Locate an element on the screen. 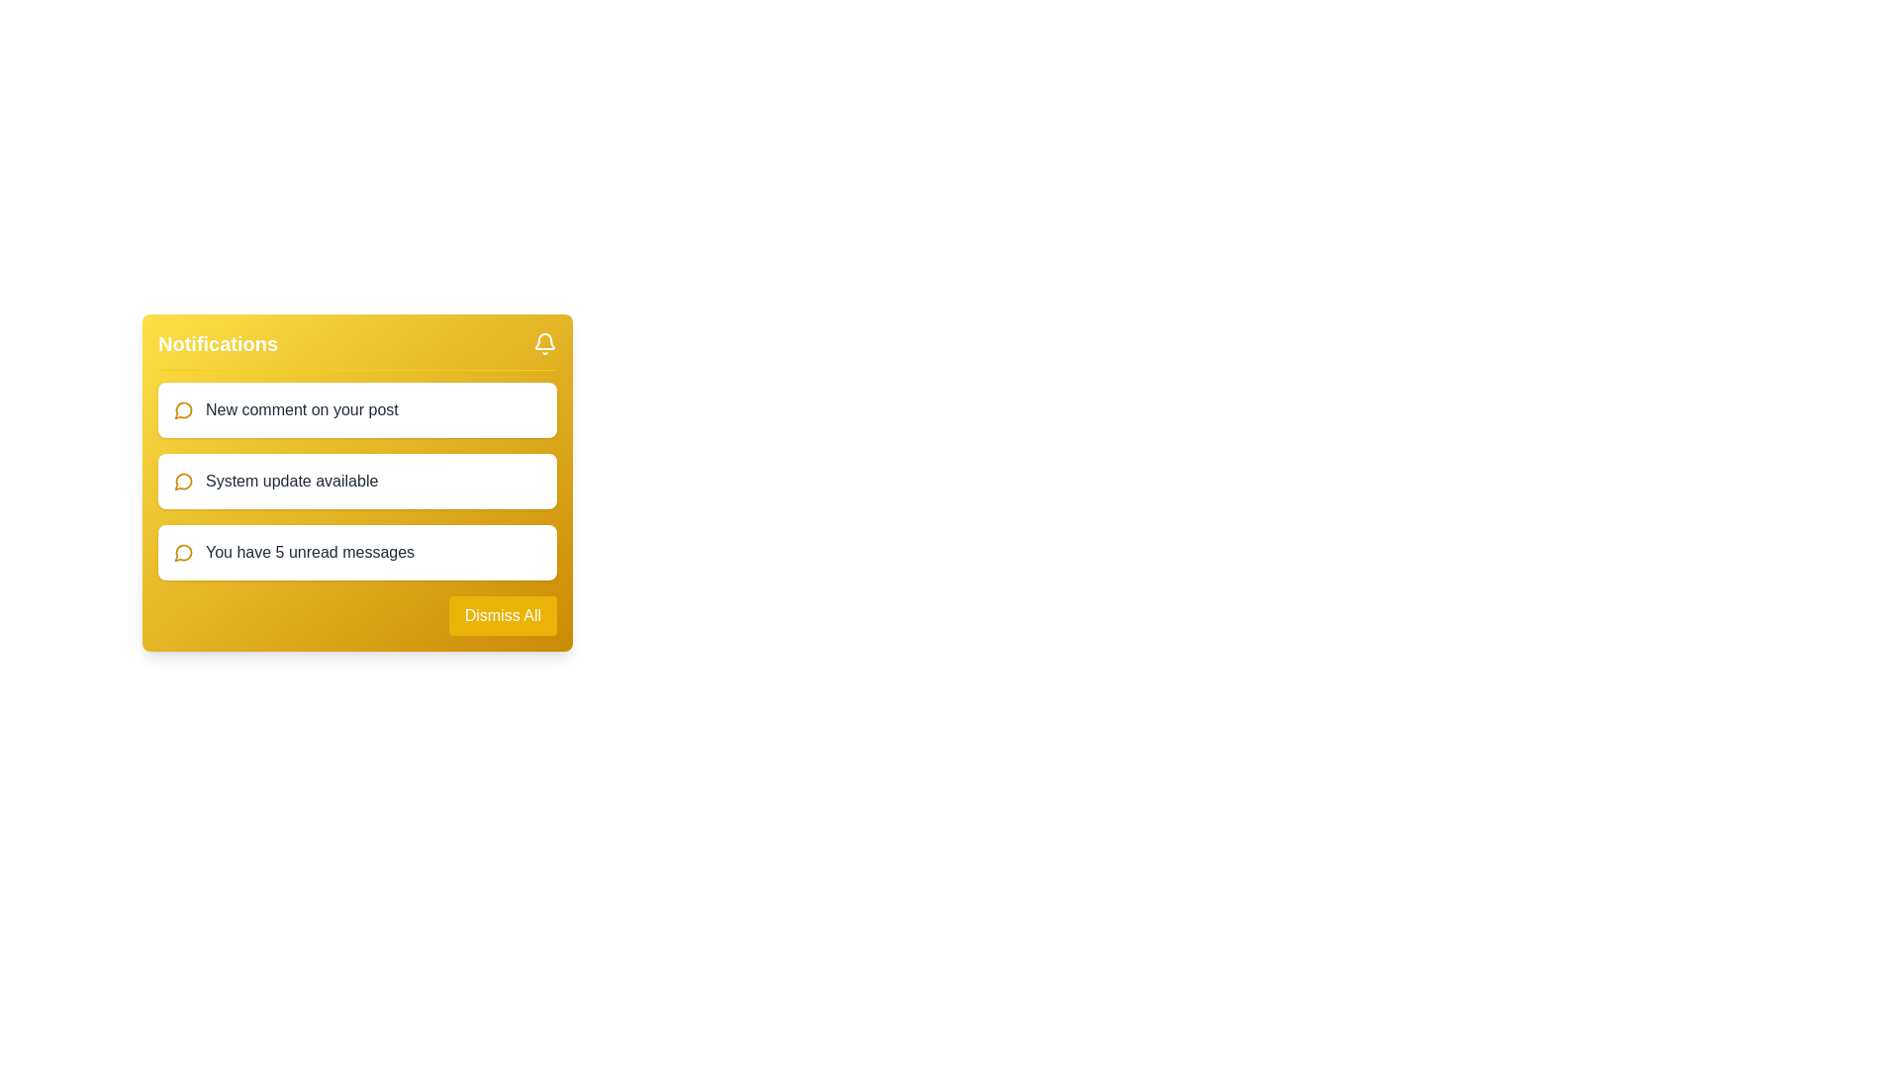 This screenshot has height=1068, width=1900. the leftmost icon in the notification box that indicates a comment associated with the message 'New comment on your post' is located at coordinates (184, 409).